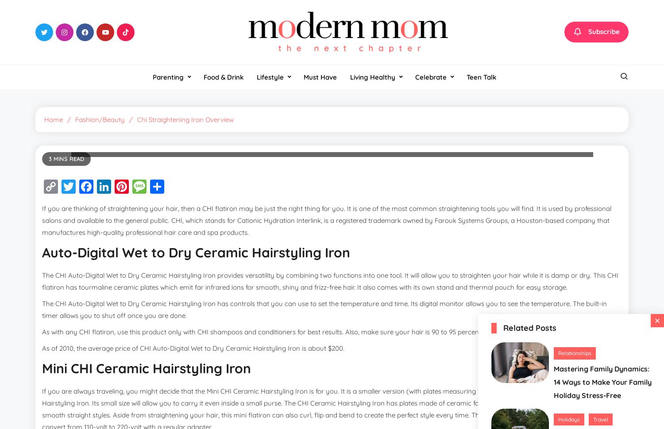 The height and width of the screenshot is (429, 664). What do you see at coordinates (125, 187) in the screenshot?
I see `'Facebook'` at bounding box center [125, 187].